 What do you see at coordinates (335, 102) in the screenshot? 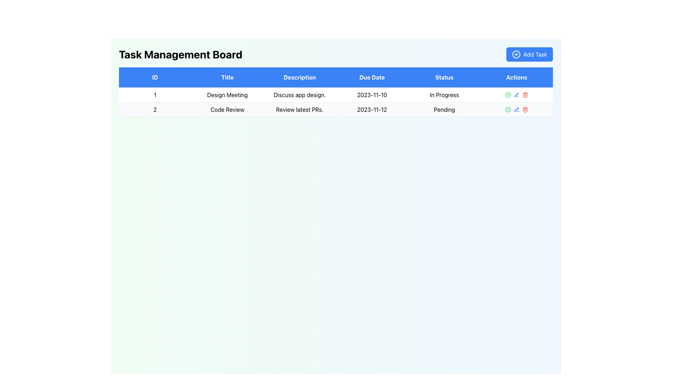
I see `the first row of the task management board table, which displays the task ID '1', title 'Design Meeting', description 'Discuss app design.', due date '2023-11-10', and status 'In Progress'` at bounding box center [335, 102].